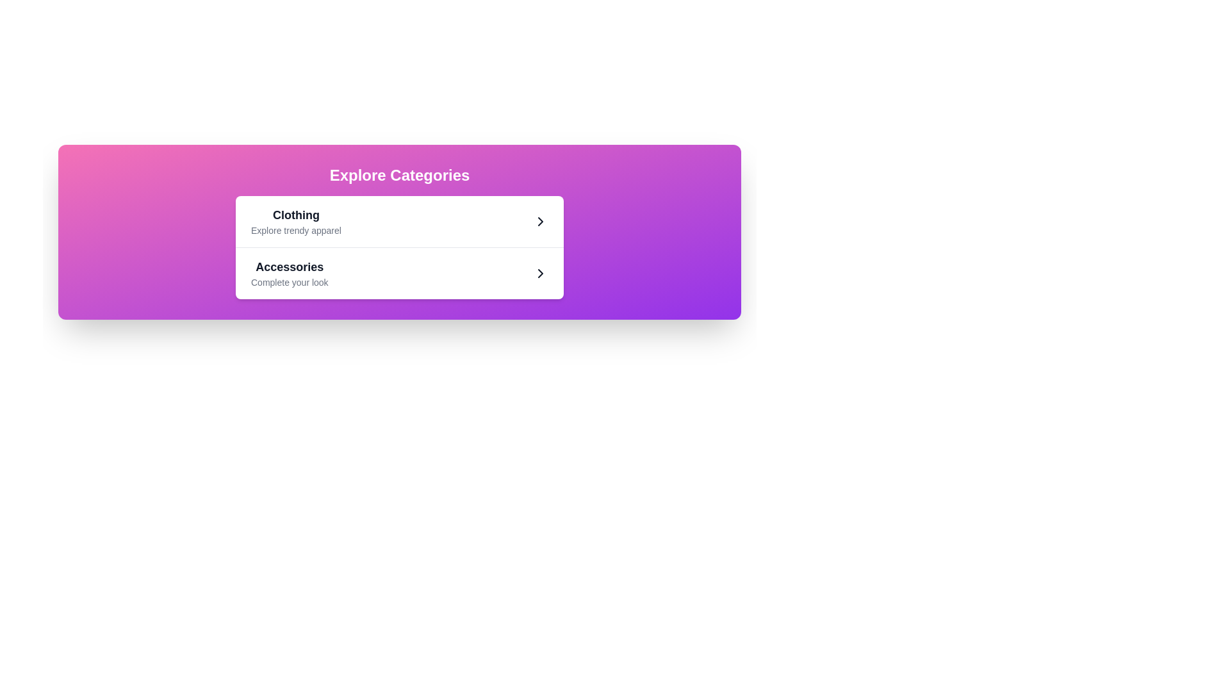 The image size is (1230, 692). What do you see at coordinates (295, 221) in the screenshot?
I see `the card containing the Text block that serves as a category title and description within the 'Explore Categories' section` at bounding box center [295, 221].